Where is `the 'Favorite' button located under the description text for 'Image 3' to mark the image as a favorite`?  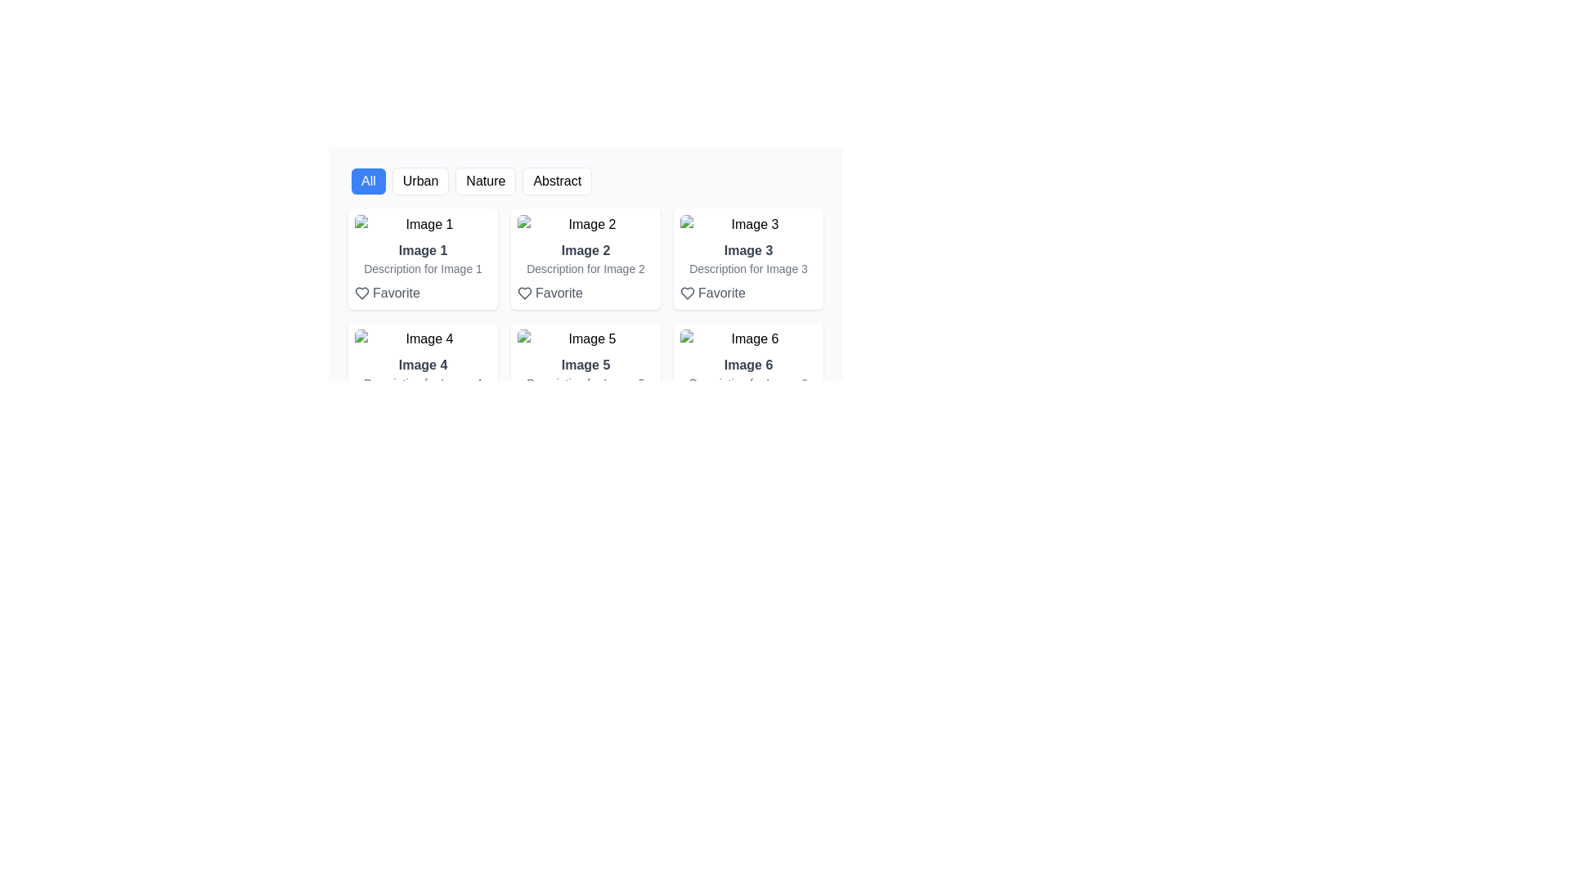 the 'Favorite' button located under the description text for 'Image 3' to mark the image as a favorite is located at coordinates (712, 292).